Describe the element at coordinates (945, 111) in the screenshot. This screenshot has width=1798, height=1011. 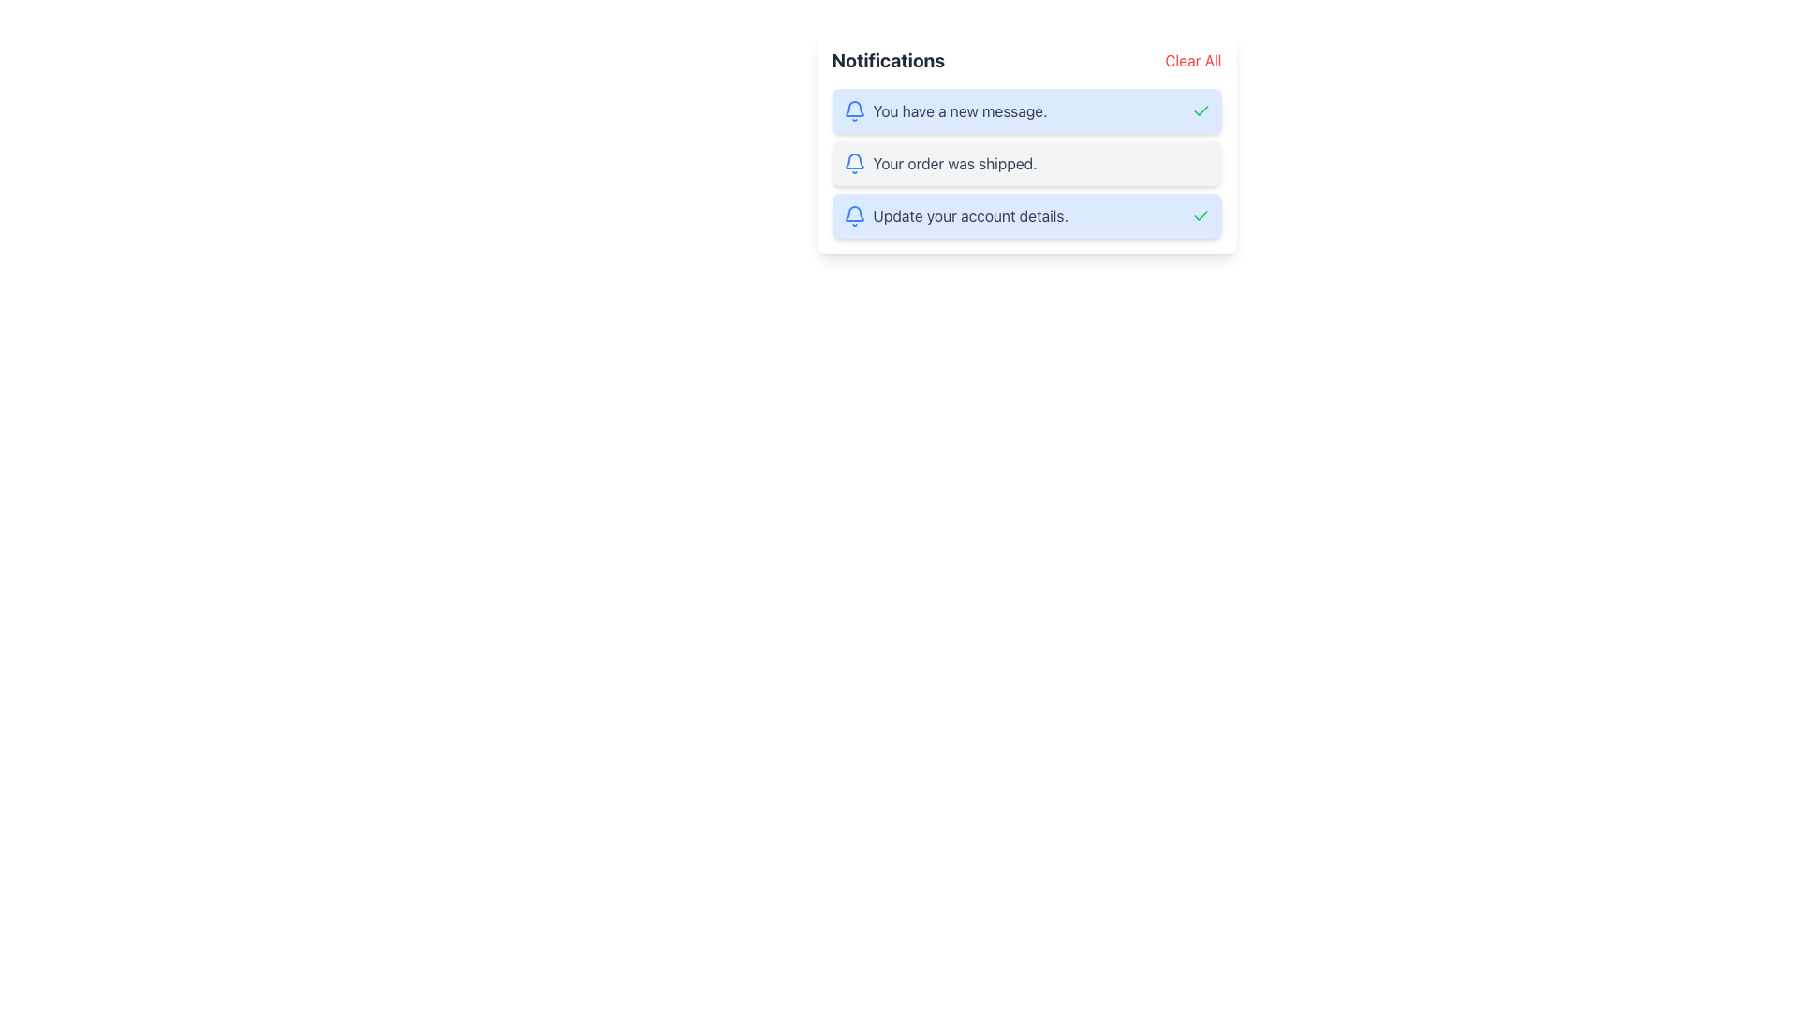
I see `the Notification Item that indicates the presence of a new message, located at the top of the notification list with a bell icon on the left` at that location.